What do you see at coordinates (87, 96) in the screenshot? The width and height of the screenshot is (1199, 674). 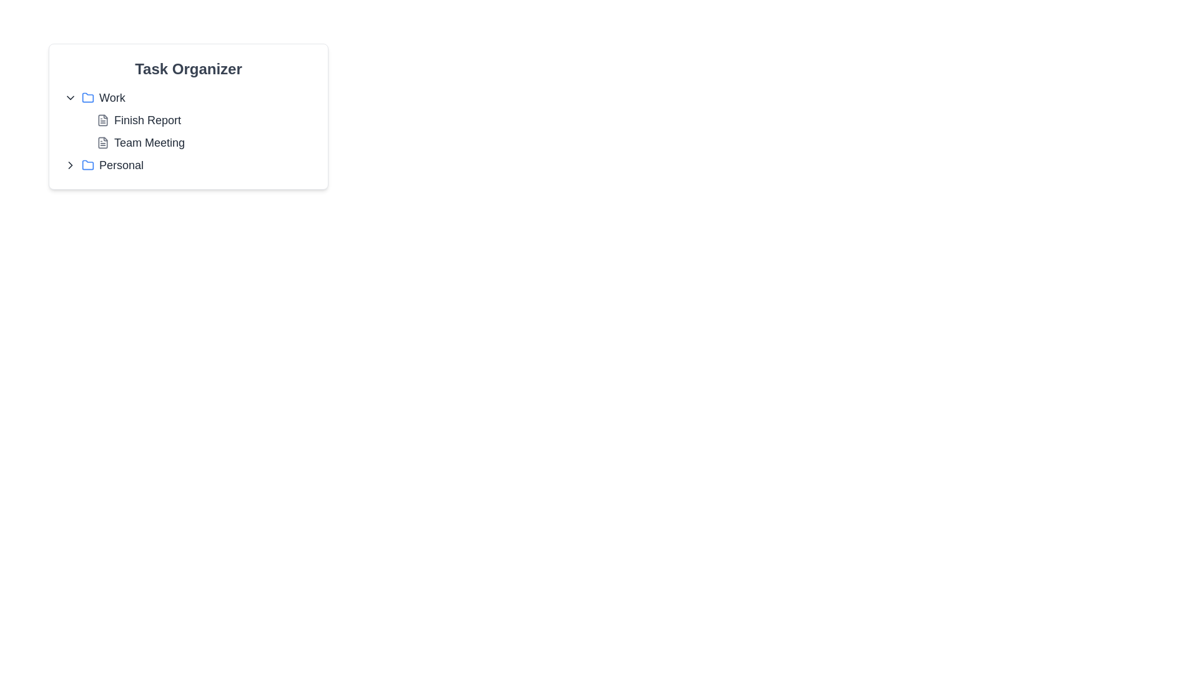 I see `the small folder icon with a blue outline located under the 'Personal' category in the hierarchical task list` at bounding box center [87, 96].